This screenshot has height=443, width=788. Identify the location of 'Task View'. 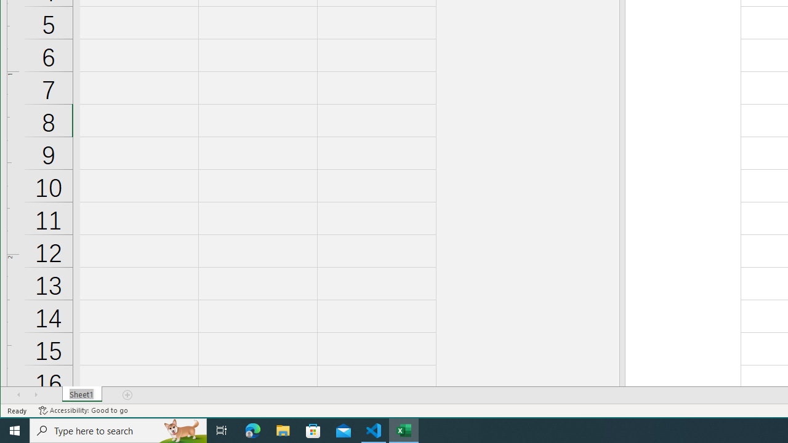
(221, 429).